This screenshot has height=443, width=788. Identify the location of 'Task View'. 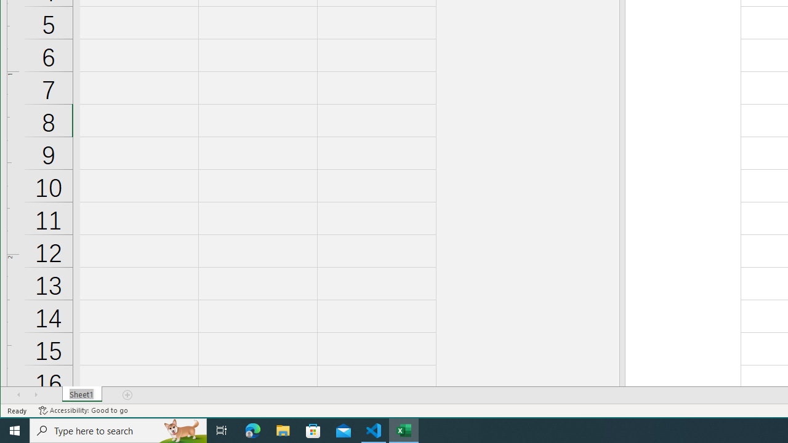
(221, 429).